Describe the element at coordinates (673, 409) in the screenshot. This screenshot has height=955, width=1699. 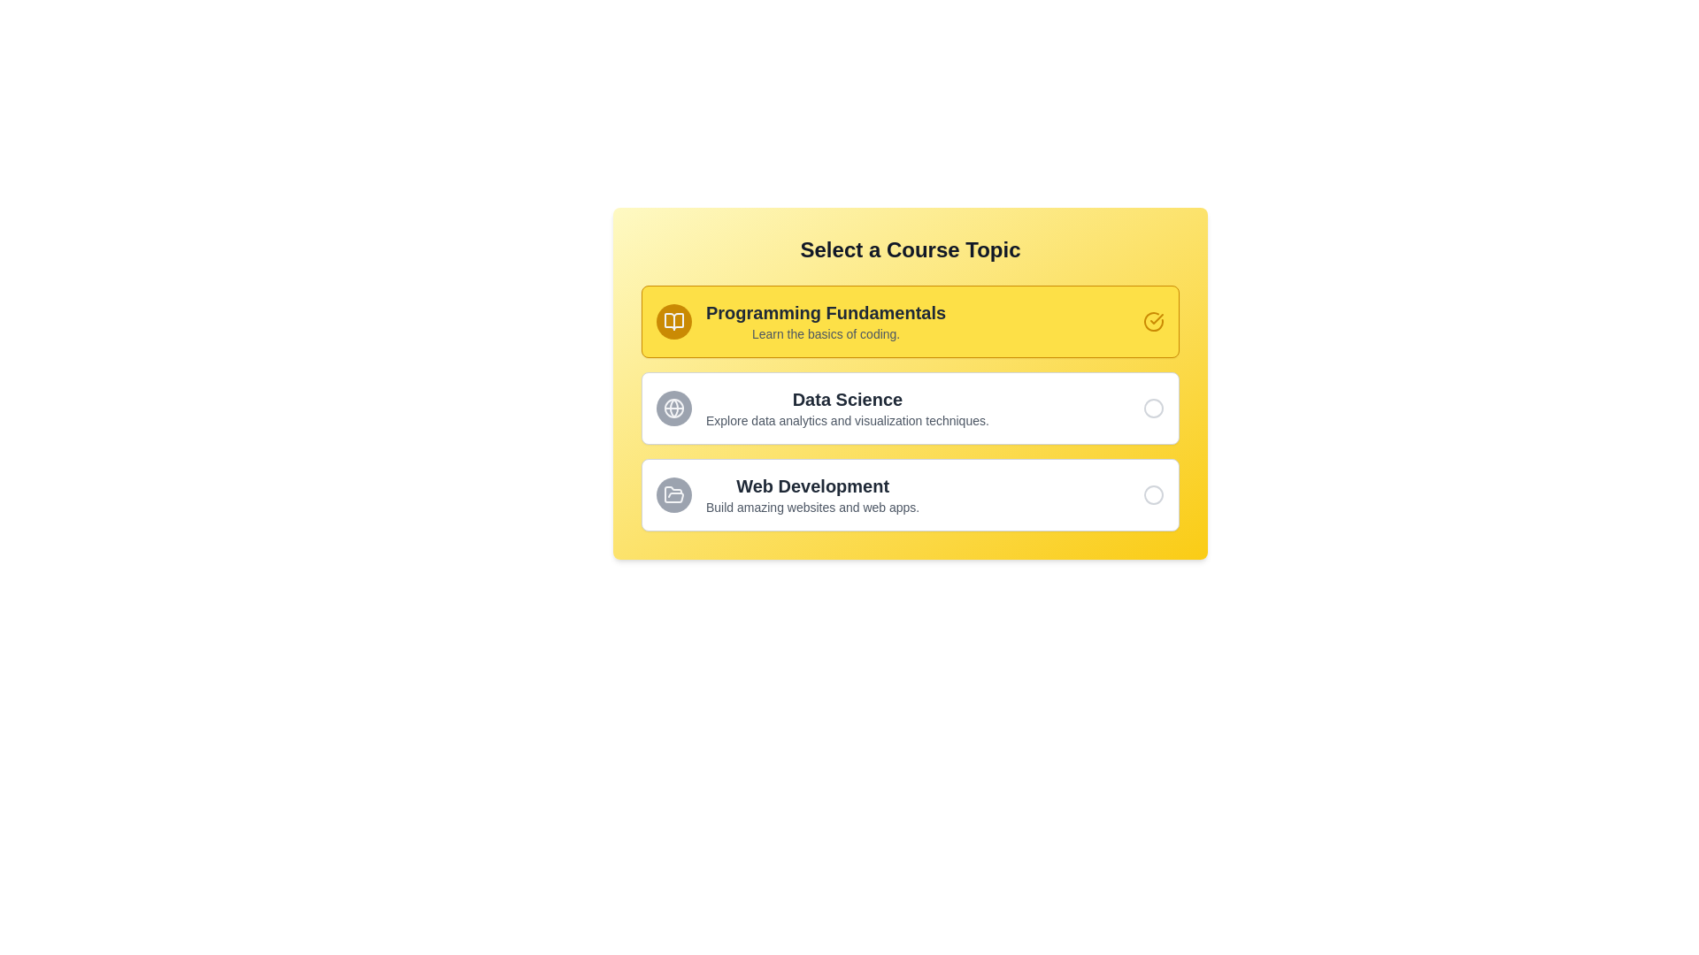
I see `the center of the globe icon representing 'Data Science' in the second option of the horizontal stack` at that location.